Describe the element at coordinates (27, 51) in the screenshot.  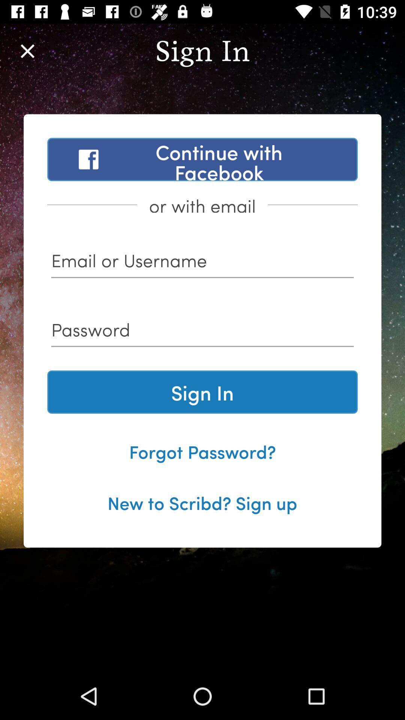
I see `the icon above continue with facebook` at that location.